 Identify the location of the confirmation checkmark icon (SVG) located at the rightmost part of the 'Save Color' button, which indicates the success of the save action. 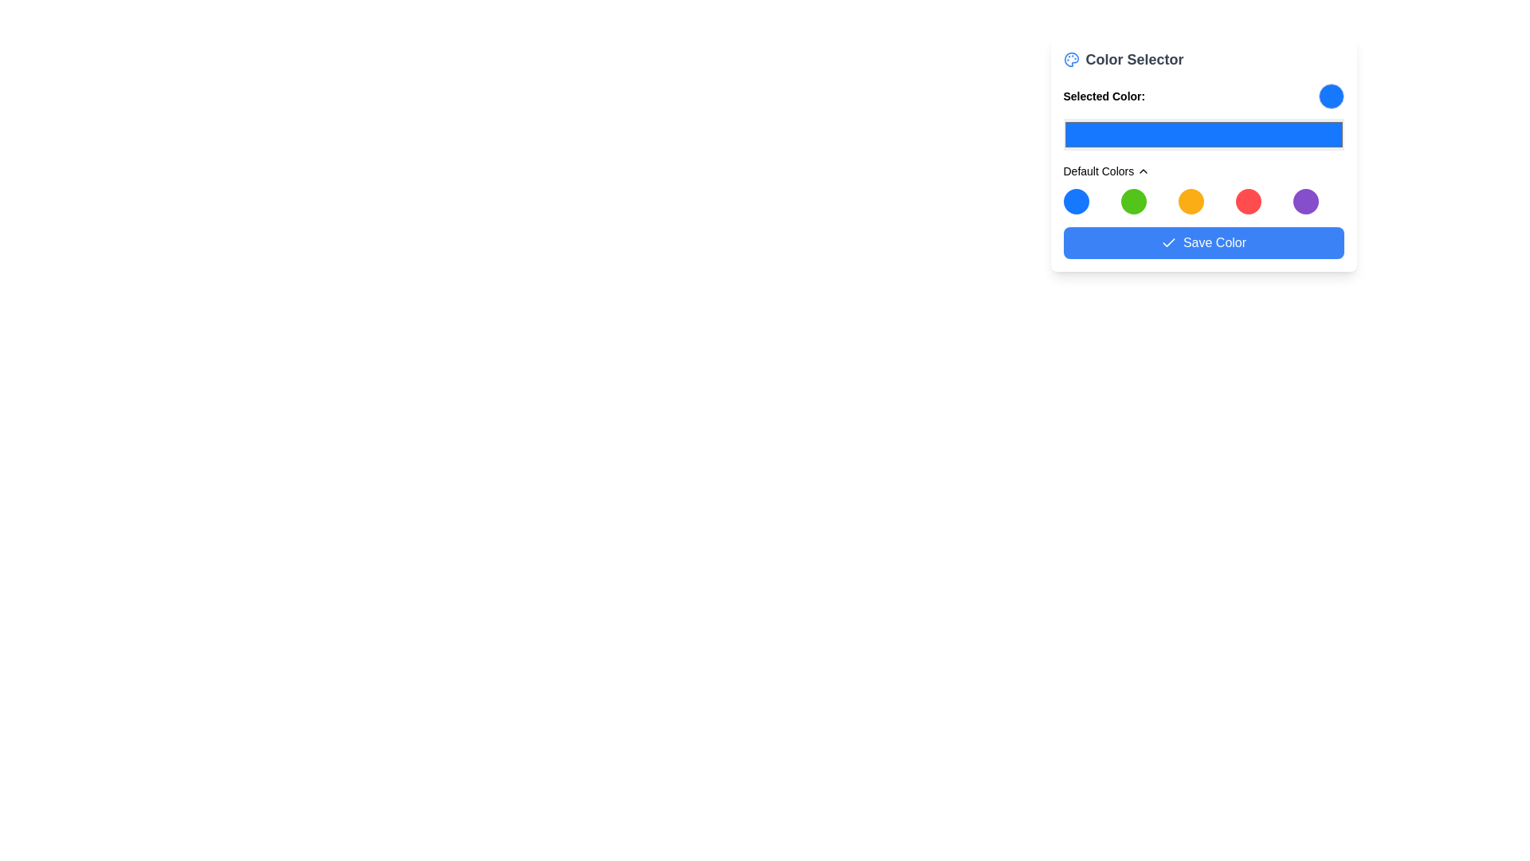
(1168, 242).